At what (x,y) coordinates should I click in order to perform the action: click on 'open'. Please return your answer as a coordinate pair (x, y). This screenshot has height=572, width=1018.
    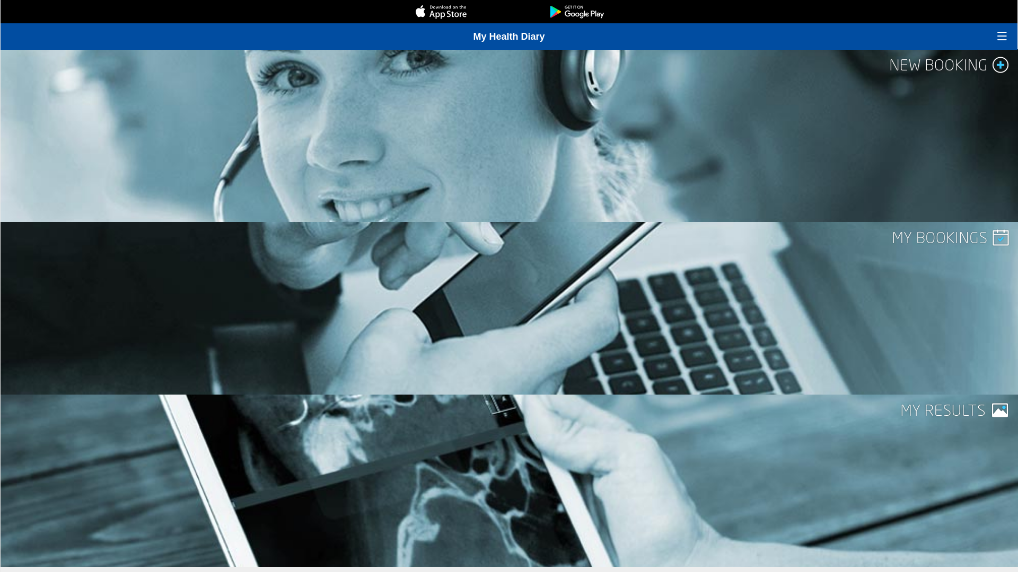
    Looking at the image, I should click on (1002, 35).